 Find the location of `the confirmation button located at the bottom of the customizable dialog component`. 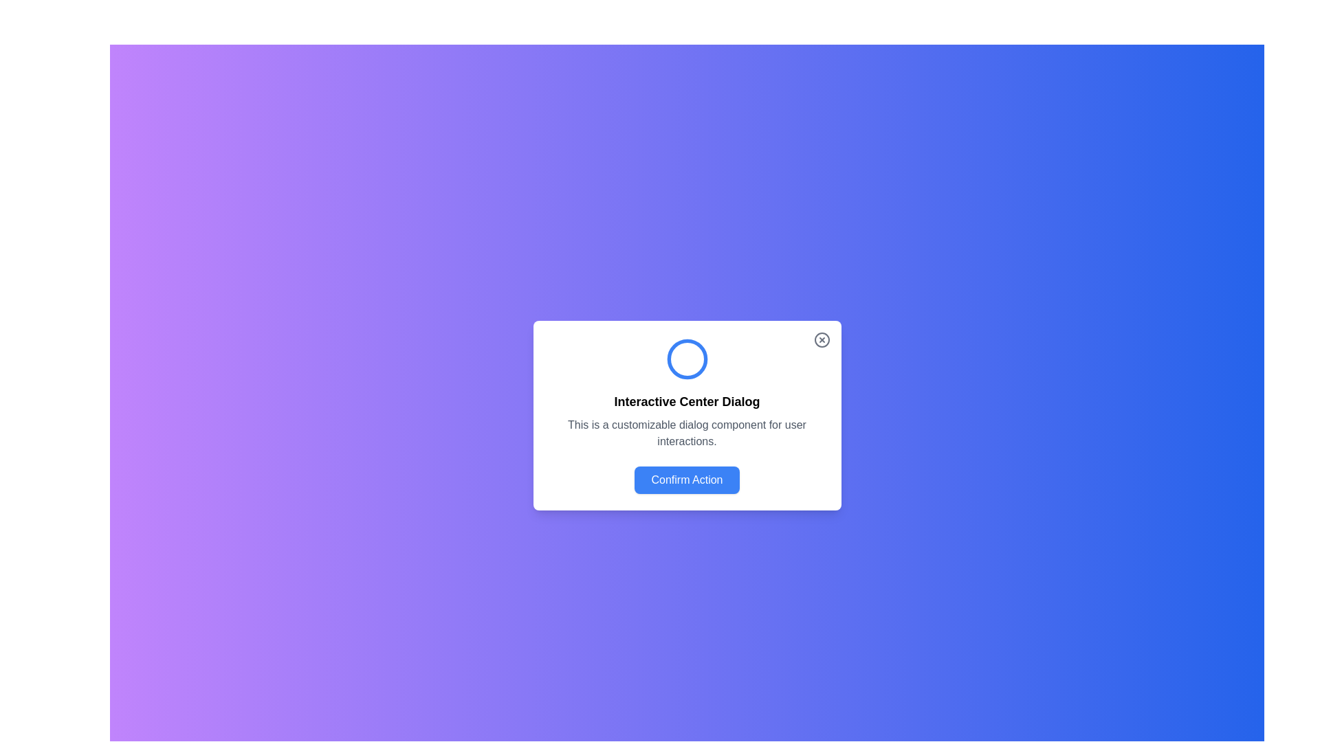

the confirmation button located at the bottom of the customizable dialog component is located at coordinates (687, 479).